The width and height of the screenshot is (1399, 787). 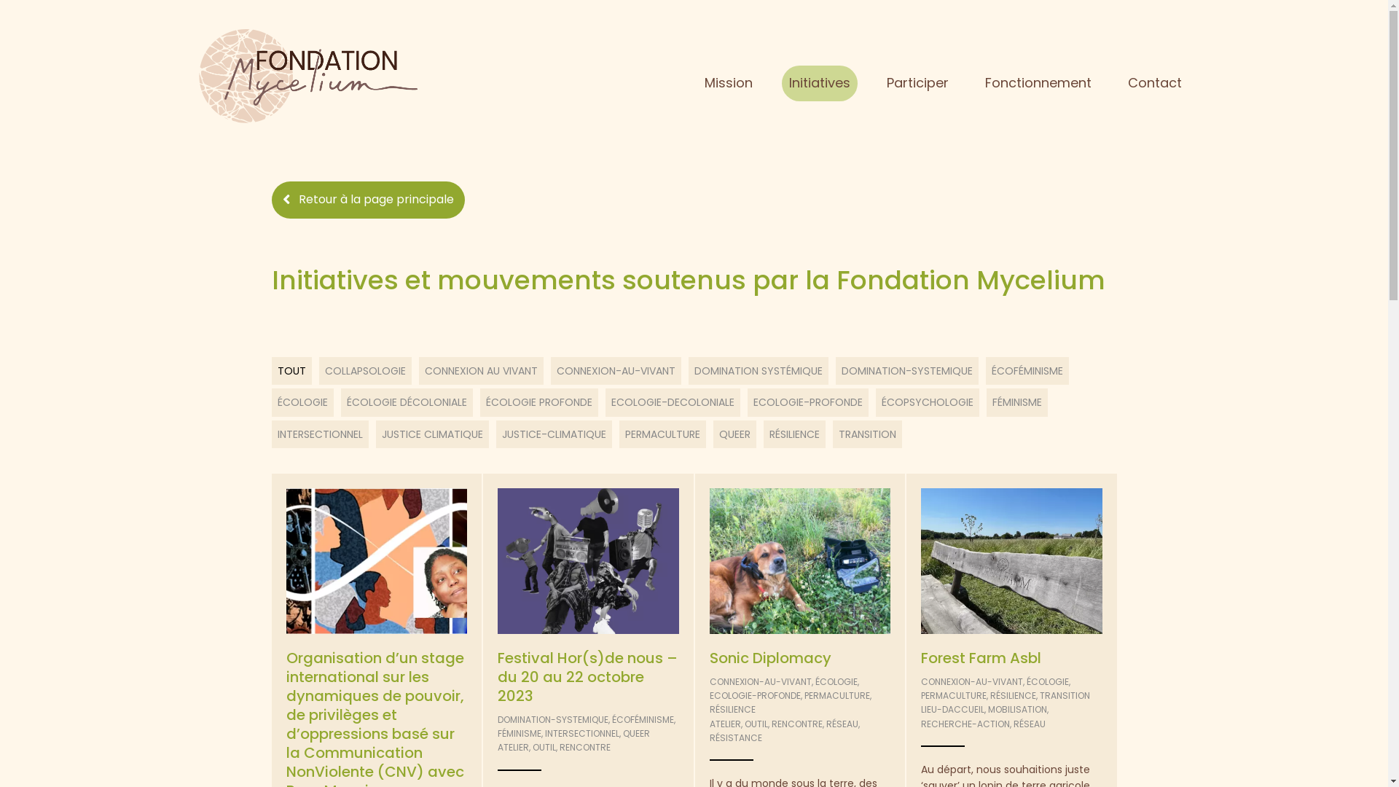 What do you see at coordinates (544, 747) in the screenshot?
I see `'OUTIL'` at bounding box center [544, 747].